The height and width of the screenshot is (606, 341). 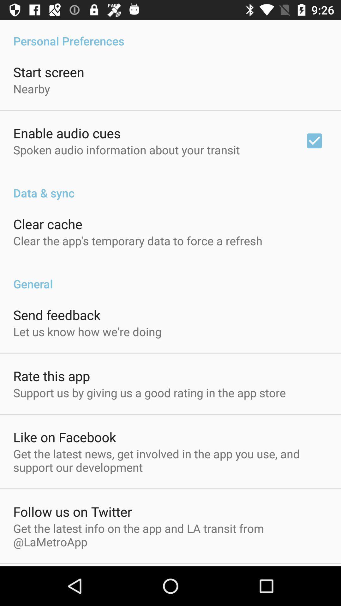 I want to click on app above spoken audio information, so click(x=67, y=133).